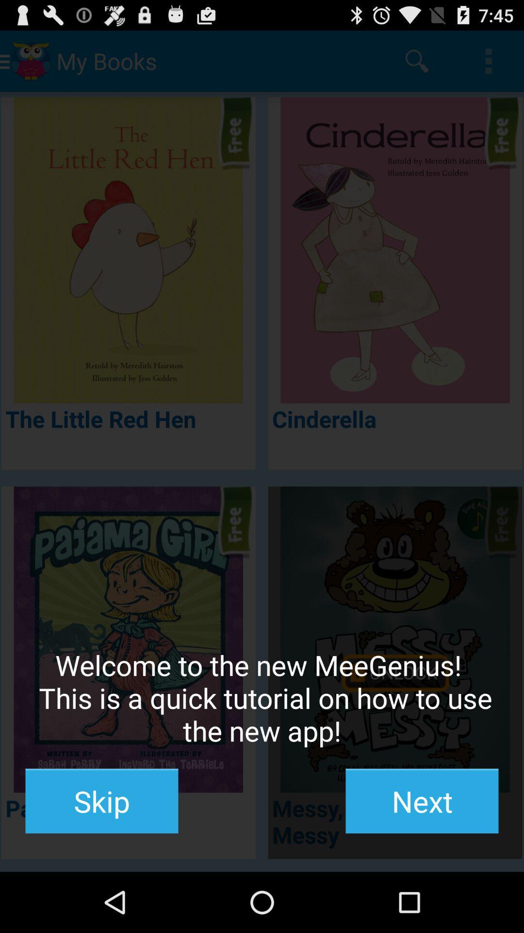 The height and width of the screenshot is (933, 524). What do you see at coordinates (101, 801) in the screenshot?
I see `the item to the left of the next icon` at bounding box center [101, 801].